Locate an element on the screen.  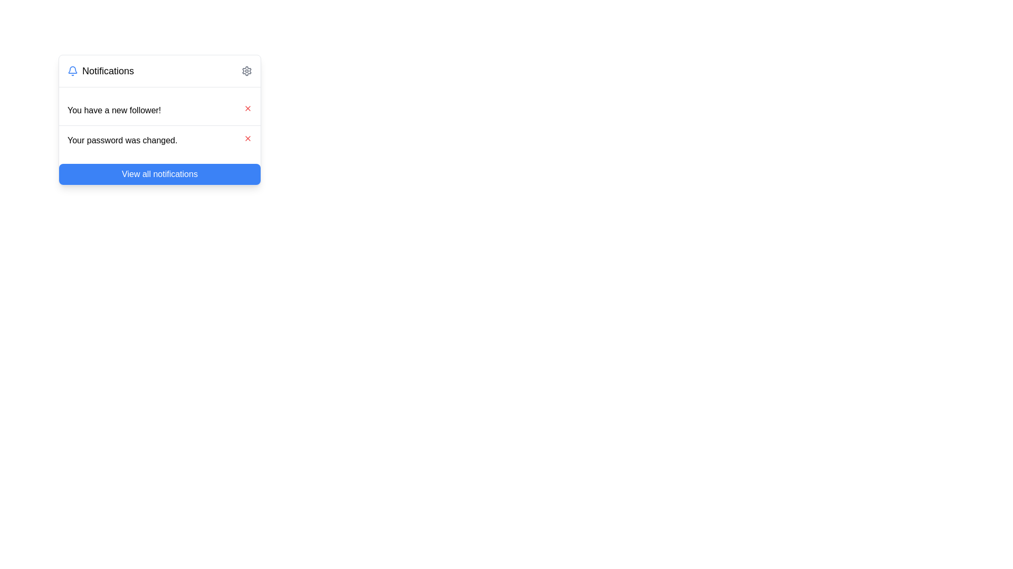
the Close button icon located in the top-right corner of the notification card that reads 'You have a new follower!' is located at coordinates (247, 108).